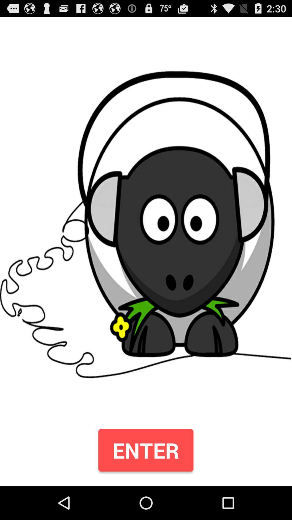 This screenshot has width=292, height=520. I want to click on enter, so click(145, 450).